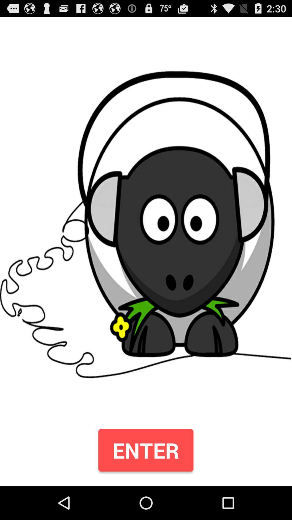 This screenshot has width=292, height=520. I want to click on enter, so click(145, 450).